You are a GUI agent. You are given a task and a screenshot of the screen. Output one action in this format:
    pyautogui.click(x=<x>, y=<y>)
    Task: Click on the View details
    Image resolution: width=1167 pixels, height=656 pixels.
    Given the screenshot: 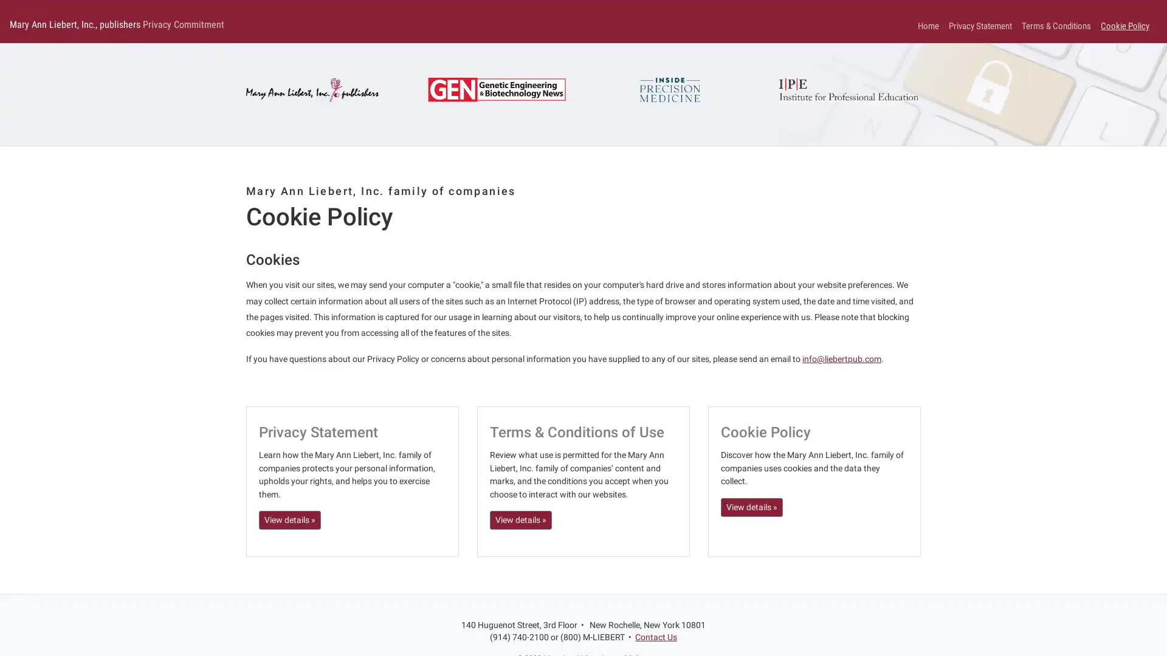 What is the action you would take?
    pyautogui.click(x=289, y=519)
    